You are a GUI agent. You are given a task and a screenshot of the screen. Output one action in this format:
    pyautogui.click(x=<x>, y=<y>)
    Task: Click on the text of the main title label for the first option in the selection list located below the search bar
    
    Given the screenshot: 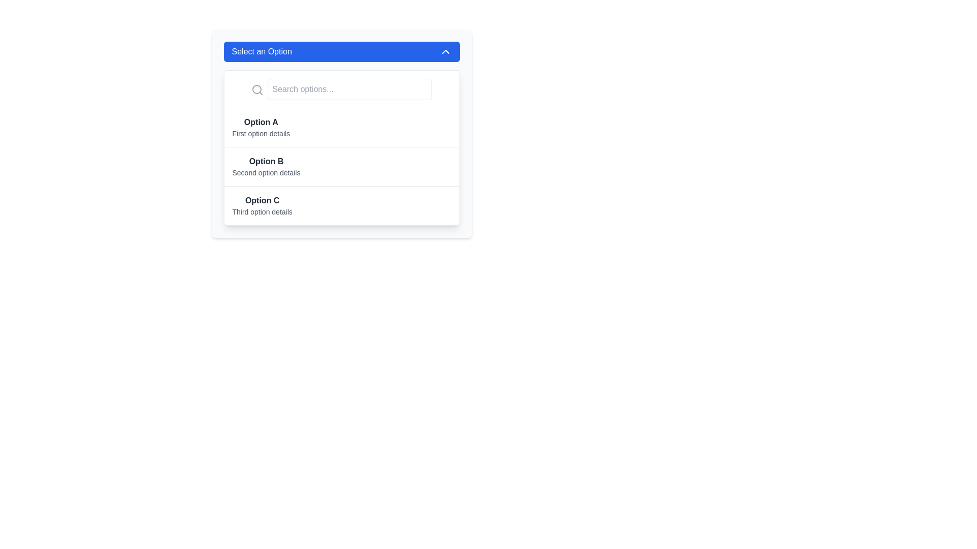 What is the action you would take?
    pyautogui.click(x=261, y=121)
    